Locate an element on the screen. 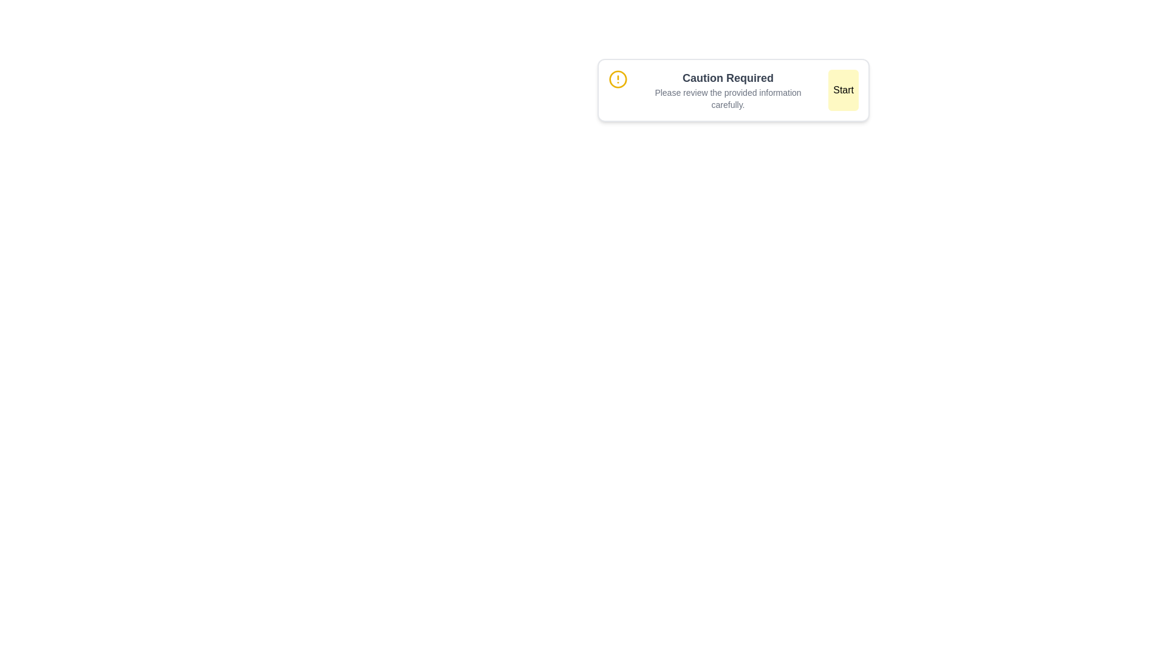 Image resolution: width=1166 pixels, height=655 pixels. the circular warning symbol with a yellow ring and an exclamation mark to gain more information is located at coordinates (618, 79).